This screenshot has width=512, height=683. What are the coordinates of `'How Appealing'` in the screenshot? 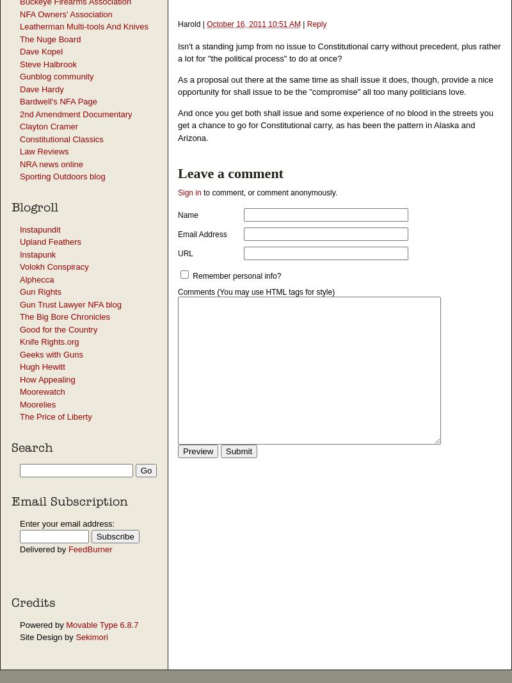 It's located at (19, 378).